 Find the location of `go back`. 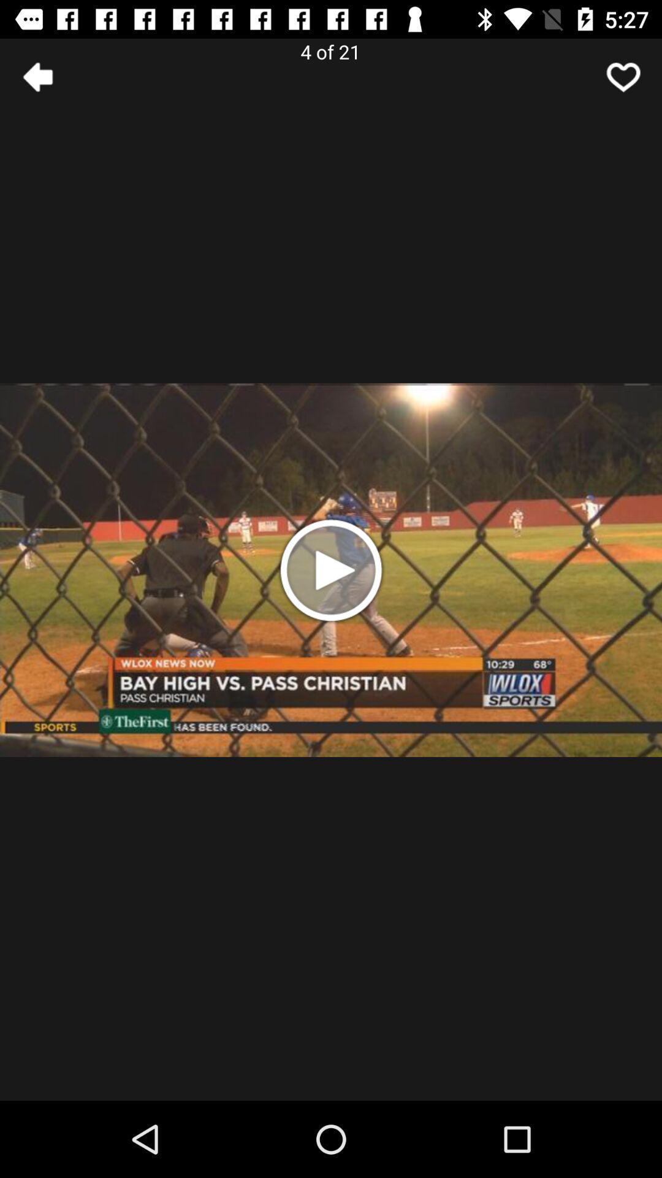

go back is located at coordinates (37, 76).